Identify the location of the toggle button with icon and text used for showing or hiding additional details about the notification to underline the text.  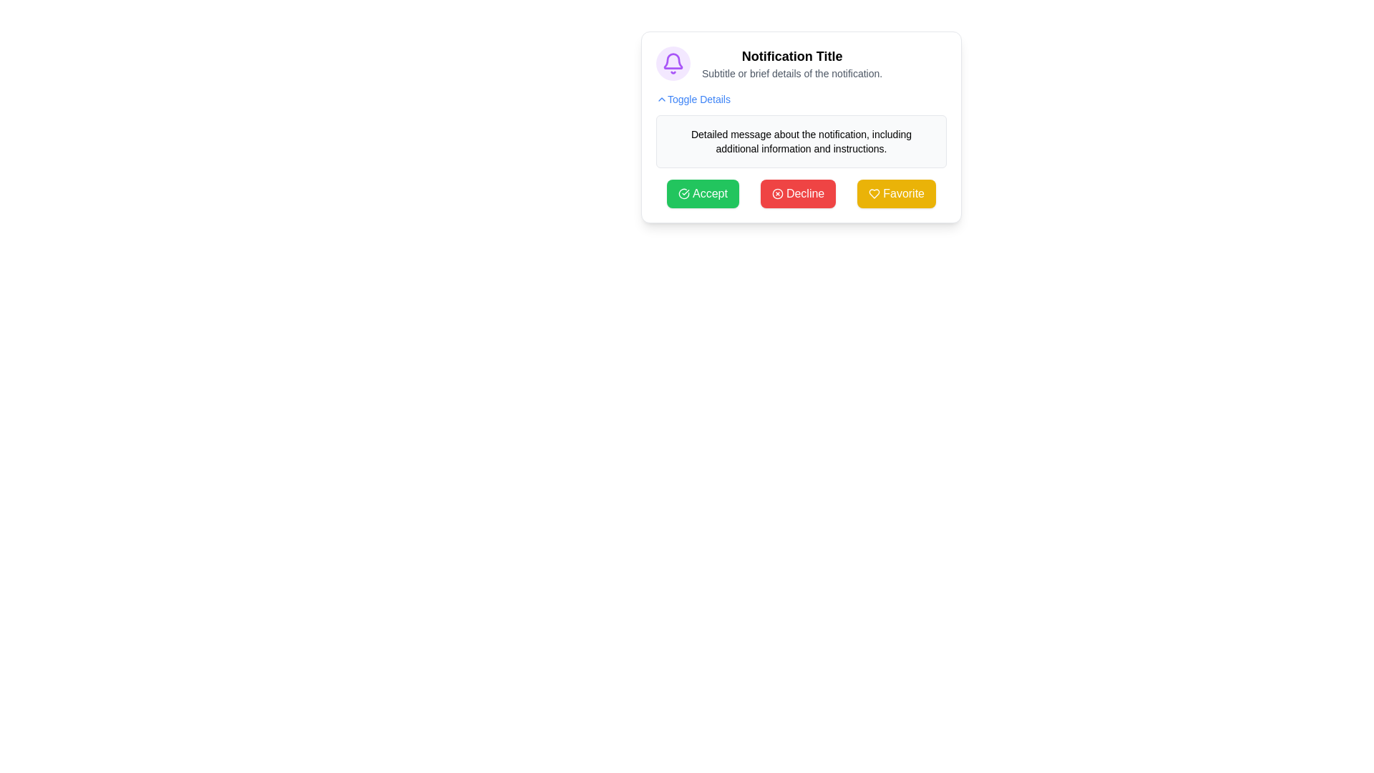
(693, 98).